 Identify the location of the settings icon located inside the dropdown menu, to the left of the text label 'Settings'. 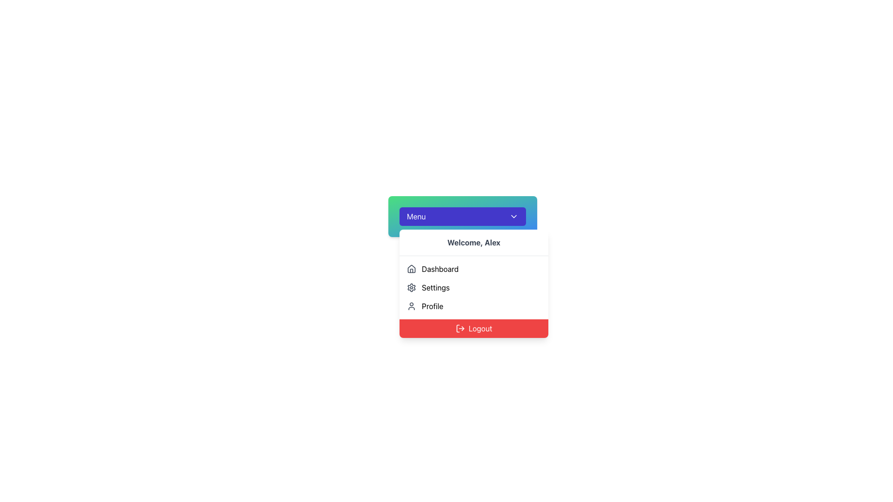
(411, 287).